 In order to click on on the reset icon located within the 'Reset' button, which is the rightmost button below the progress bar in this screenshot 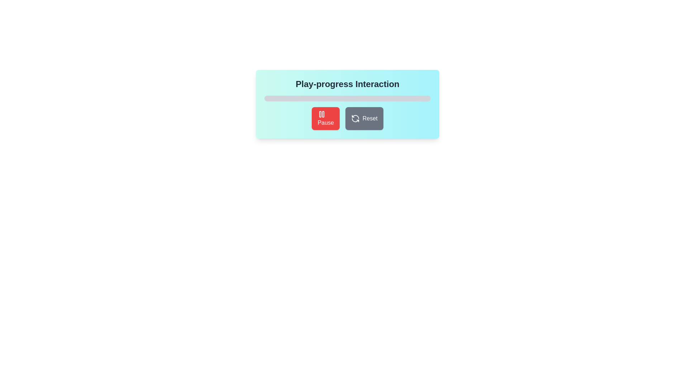, I will do `click(355, 118)`.